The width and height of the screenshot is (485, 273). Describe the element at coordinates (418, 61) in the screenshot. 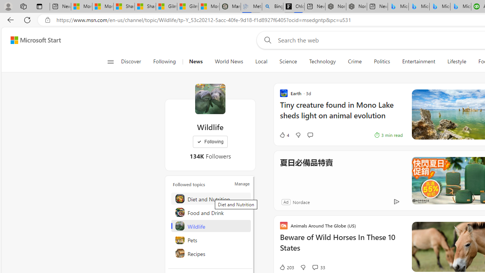

I see `'Entertainment'` at that location.